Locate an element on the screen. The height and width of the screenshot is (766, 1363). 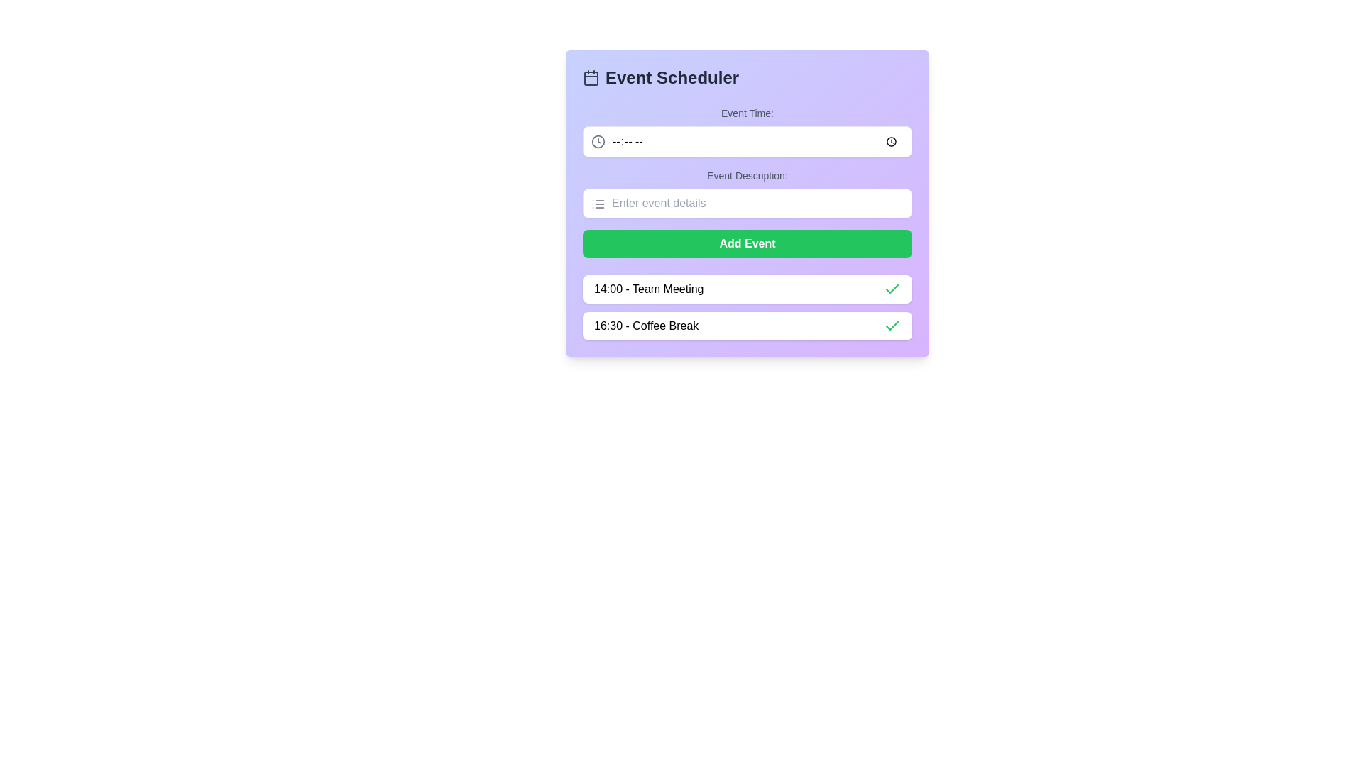
the clock icon, which is styled with a circular outline and positioned to the left of the event time input field near the label 'Event Time' is located at coordinates (598, 142).